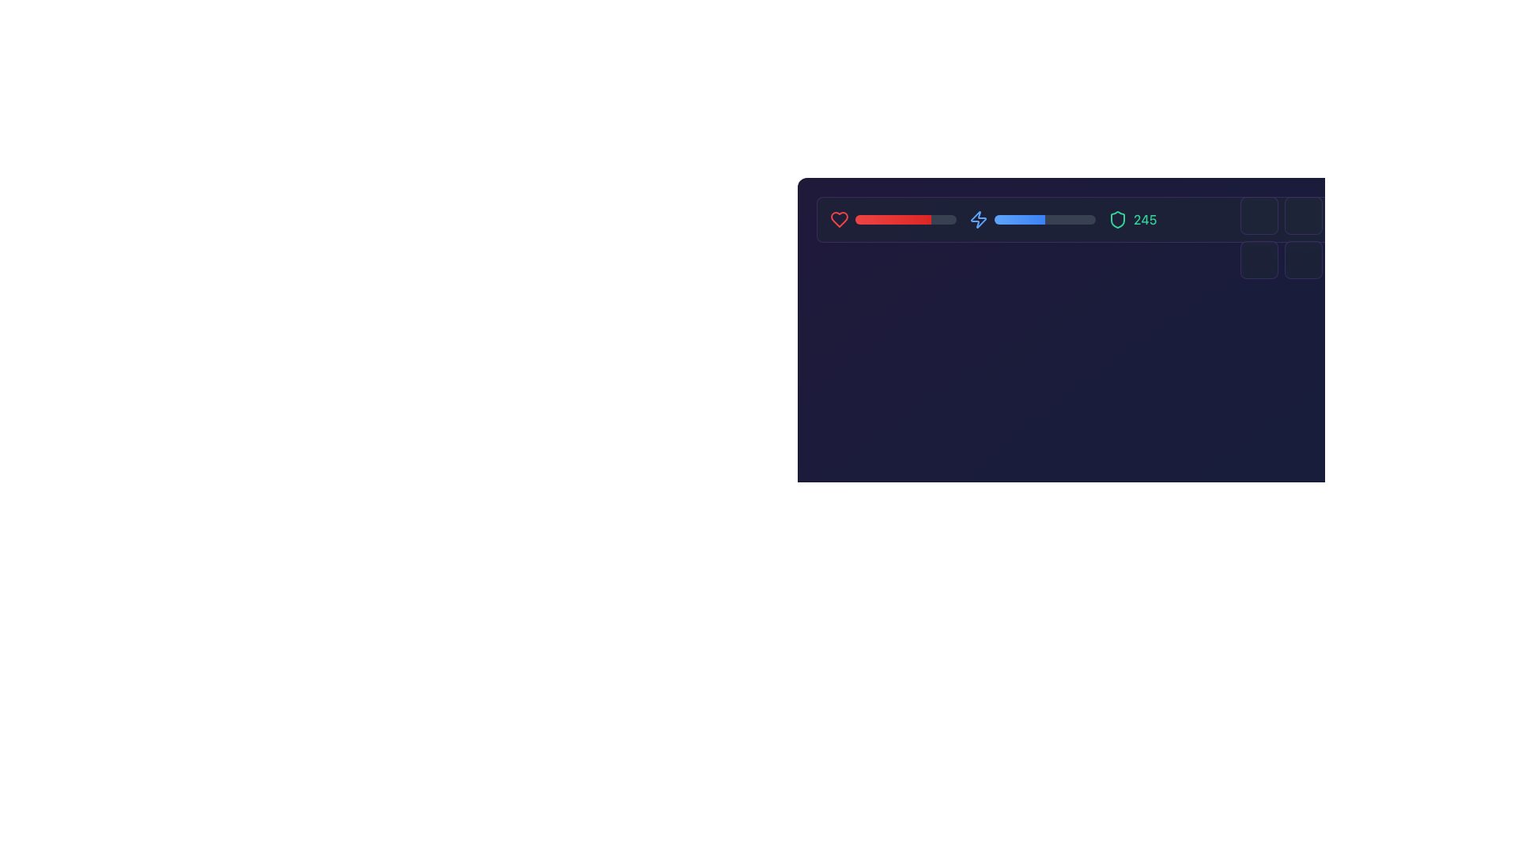  What do you see at coordinates (1032, 219) in the screenshot?
I see `the second progress bar that indicates energy or power level, located to the right of a red progress bar with a heart icon and to the left of a green shield icon` at bounding box center [1032, 219].